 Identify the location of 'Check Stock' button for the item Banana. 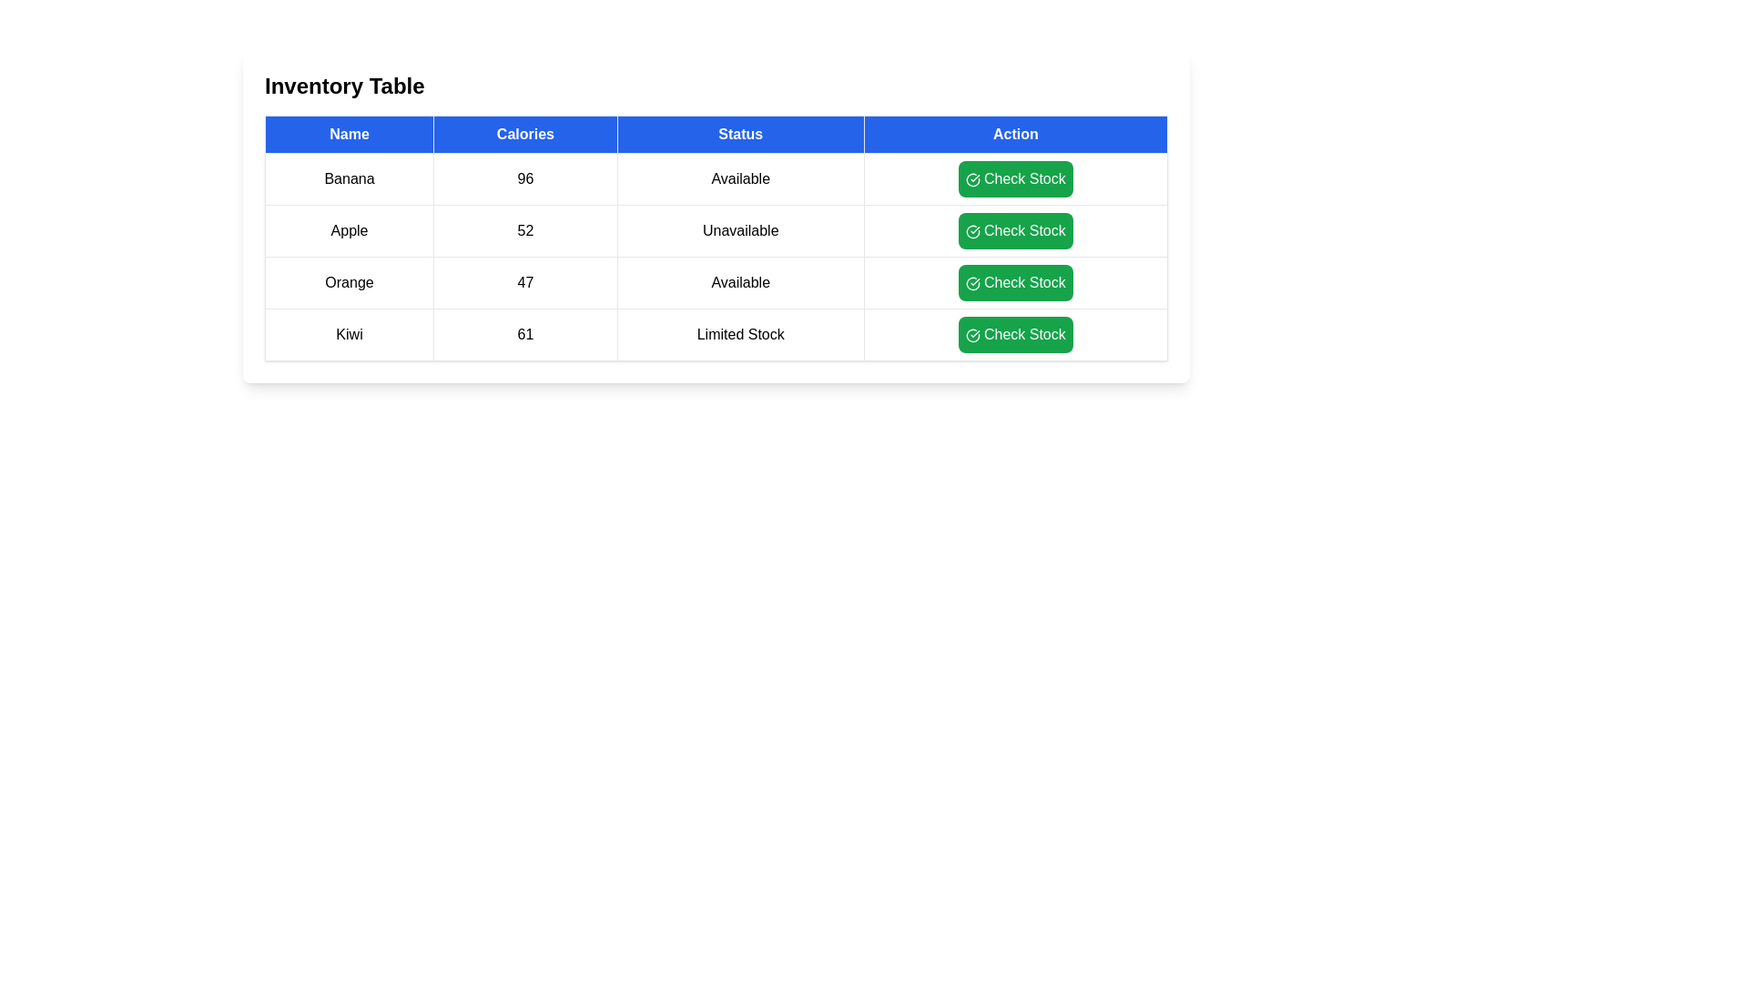
(1014, 178).